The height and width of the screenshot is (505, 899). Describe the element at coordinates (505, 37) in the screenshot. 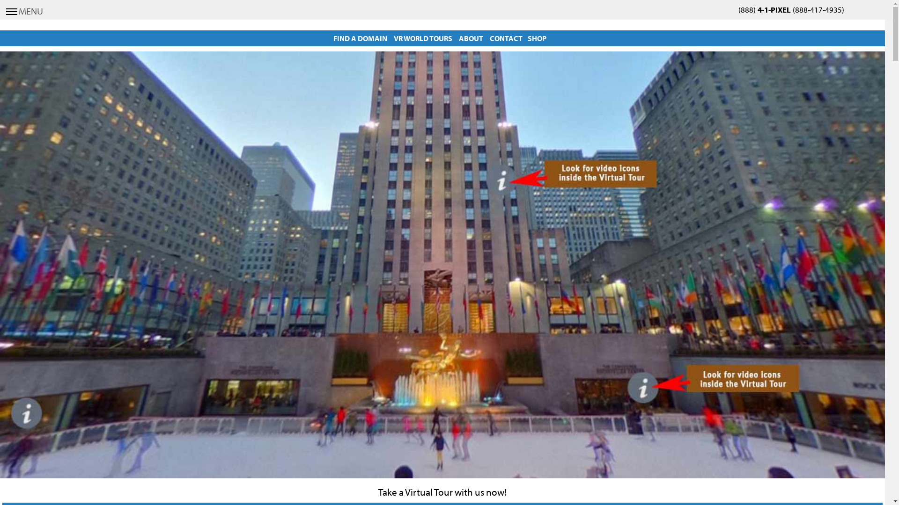

I see `'CONTACT'` at that location.